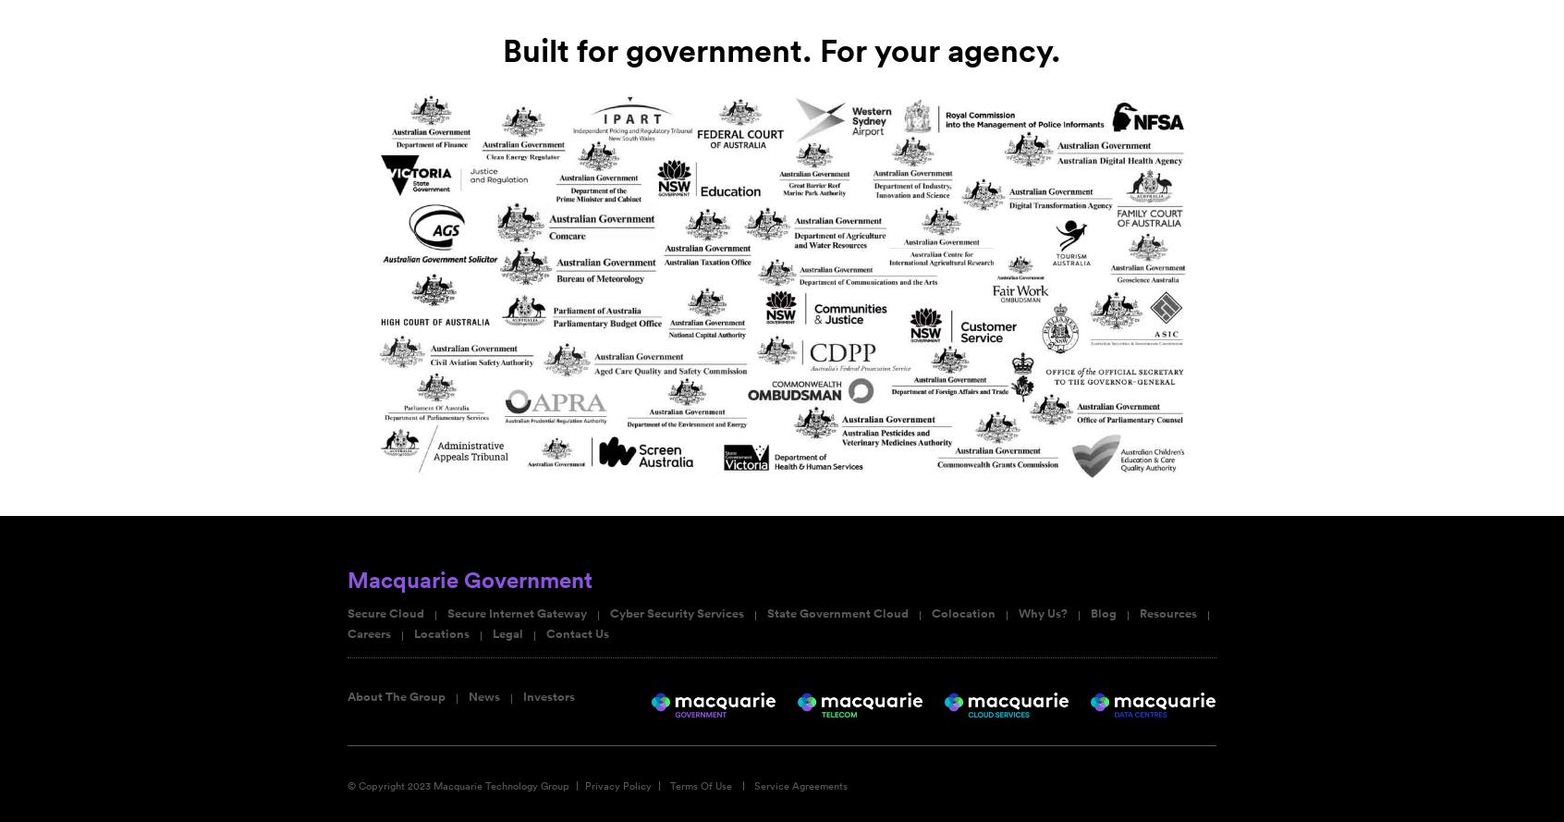 The image size is (1564, 822). I want to click on 'Legal', so click(507, 634).